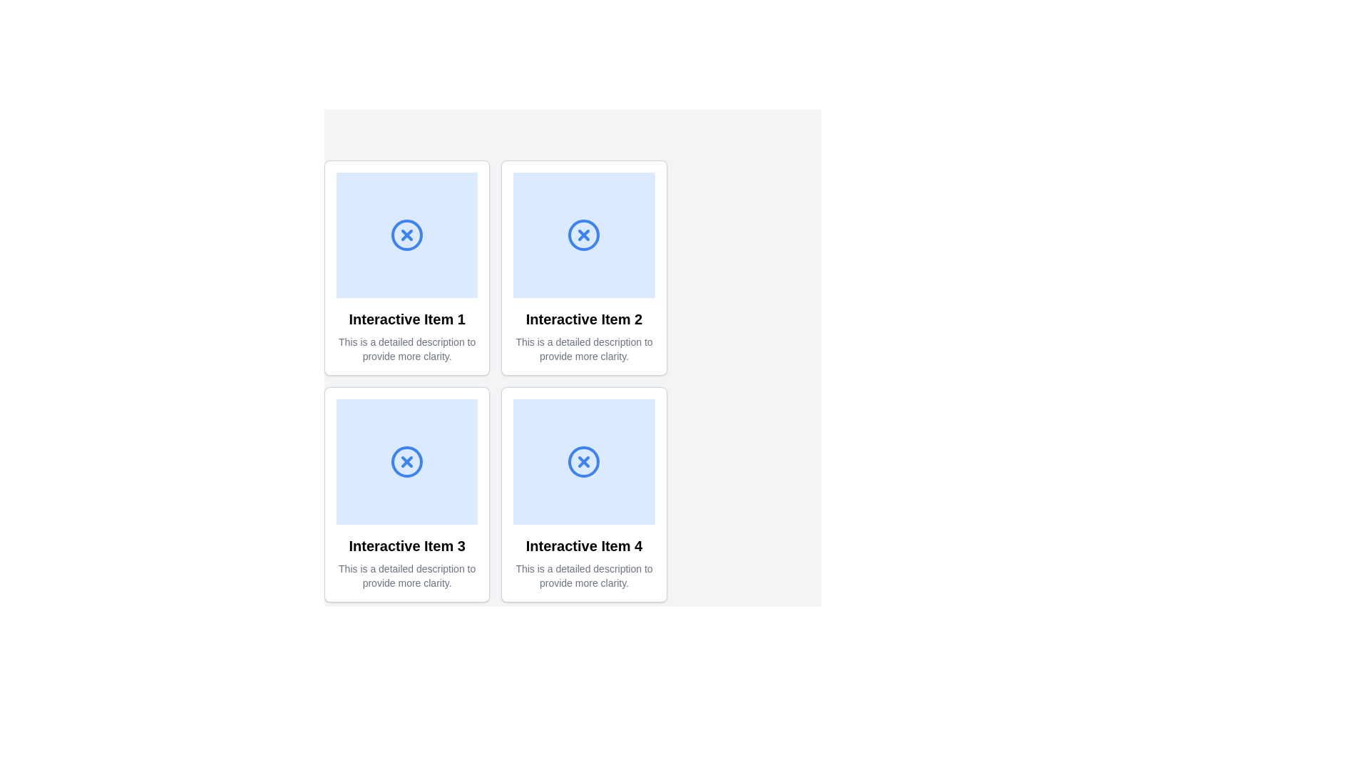 This screenshot has height=770, width=1369. What do you see at coordinates (406, 235) in the screenshot?
I see `the circular icon with an 'X' symbol, which is the first item in a 2x2 grid labeled 'Interactive Item 1'` at bounding box center [406, 235].